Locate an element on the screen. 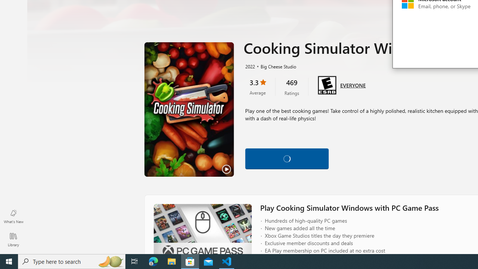  'File Explorer' is located at coordinates (171, 261).